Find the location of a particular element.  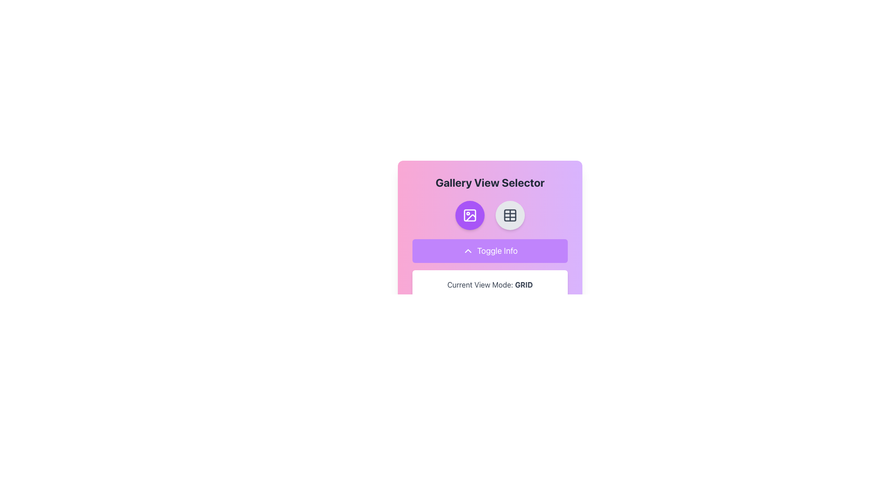

the non-interactive text label indicating the current view mode as 'GRID', which is positioned beneath the 'Toggle Info' button is located at coordinates (524, 284).